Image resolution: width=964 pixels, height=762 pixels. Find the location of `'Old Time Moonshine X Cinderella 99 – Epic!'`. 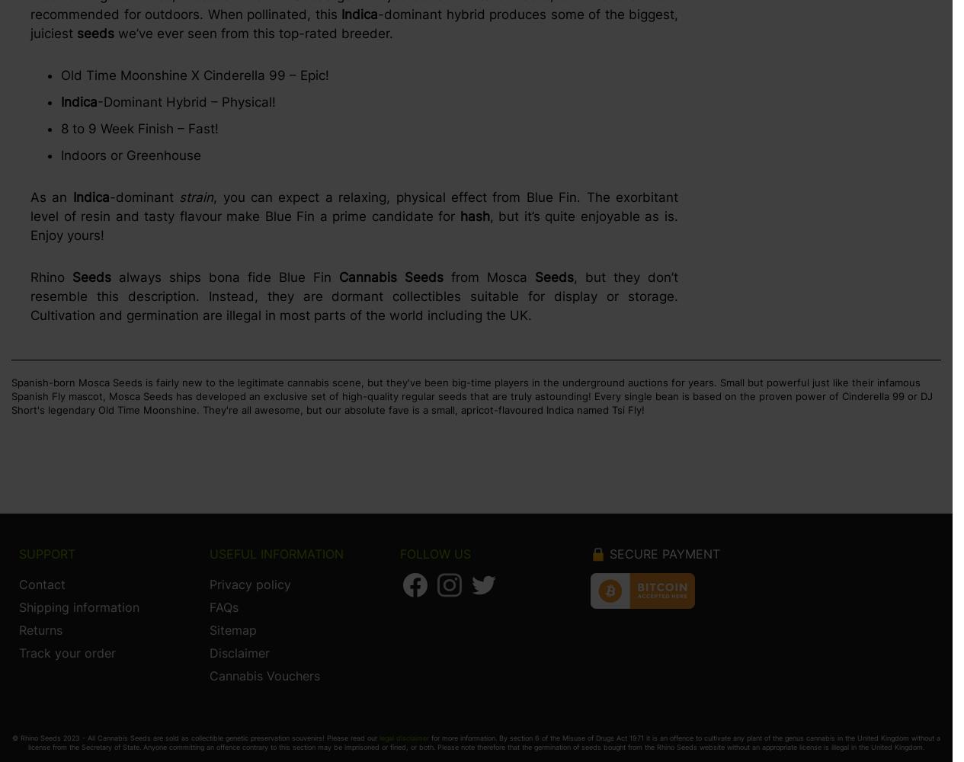

'Old Time Moonshine X Cinderella 99 – Epic!' is located at coordinates (194, 75).